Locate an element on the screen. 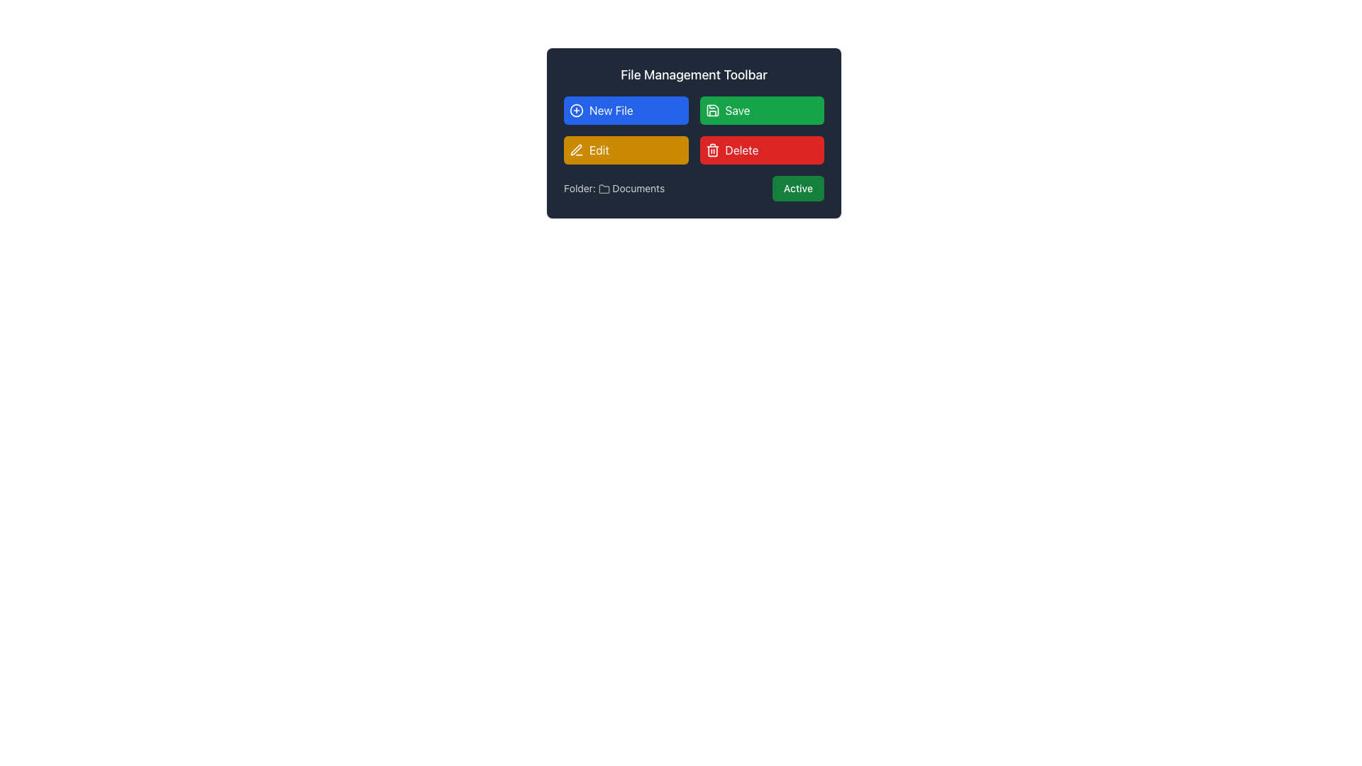 This screenshot has height=766, width=1362. the 'Save' button that contains the save icon located in the top-right area of the file management toolbar is located at coordinates (712, 109).